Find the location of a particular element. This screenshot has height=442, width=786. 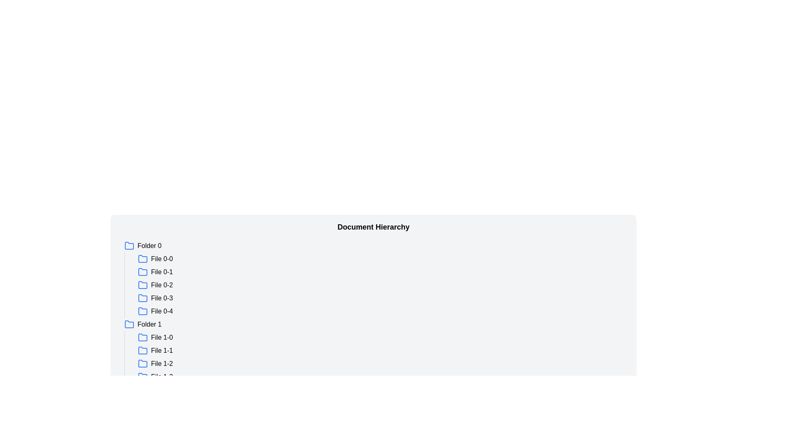

the Folder icon located to the left of the text 'File 1-0' under the 'Folder 1' heading in the file hierarchy interface is located at coordinates (143, 338).